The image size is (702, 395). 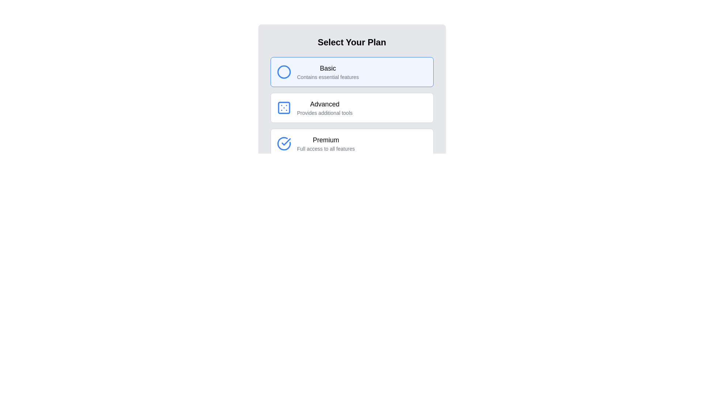 I want to click on text of the 'Premium' plan label located at the center of the selection card in the 'Select Your Plan' section, so click(x=325, y=144).